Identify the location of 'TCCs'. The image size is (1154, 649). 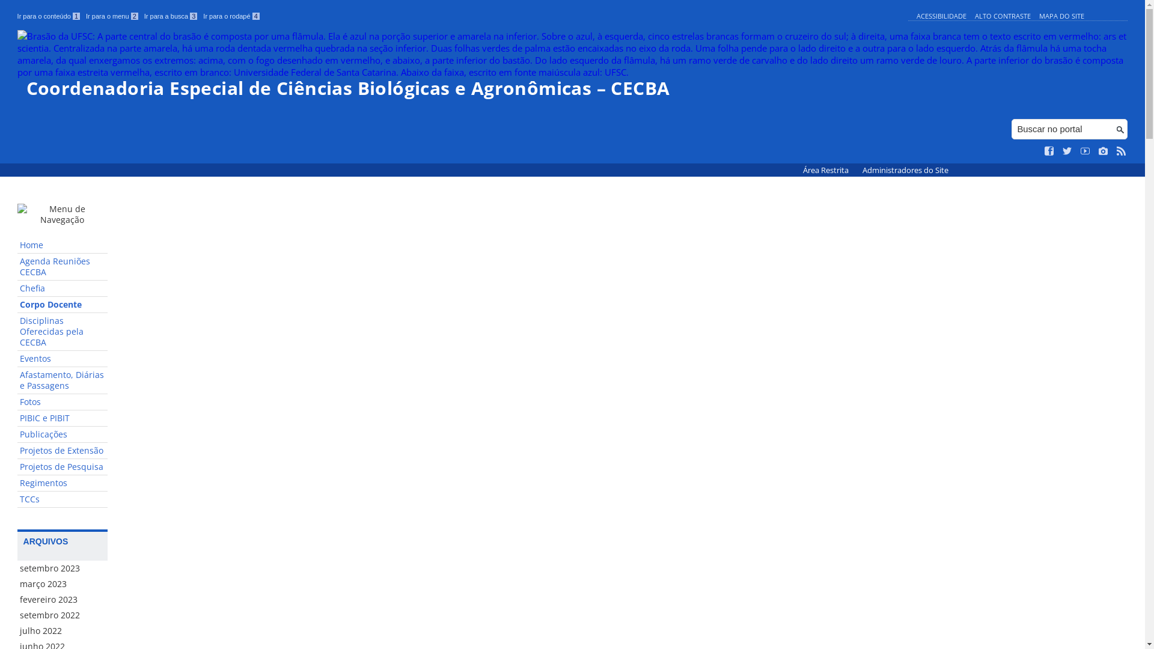
(62, 499).